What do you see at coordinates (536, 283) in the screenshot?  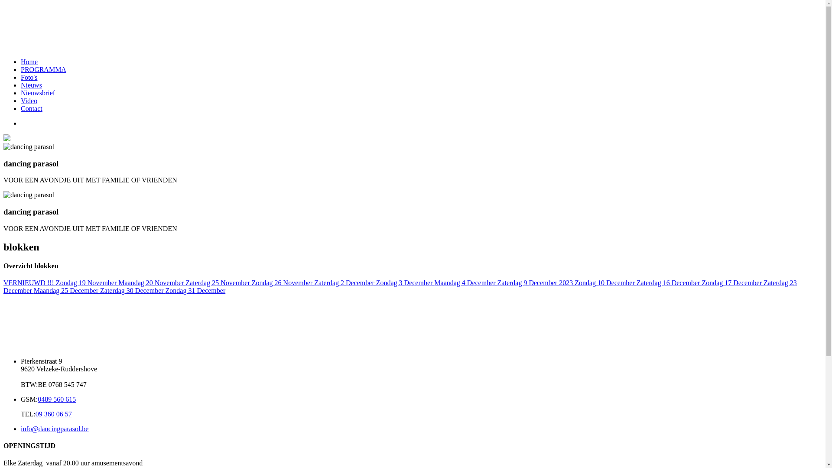 I see `'Zaterdag 9 December 2023'` at bounding box center [536, 283].